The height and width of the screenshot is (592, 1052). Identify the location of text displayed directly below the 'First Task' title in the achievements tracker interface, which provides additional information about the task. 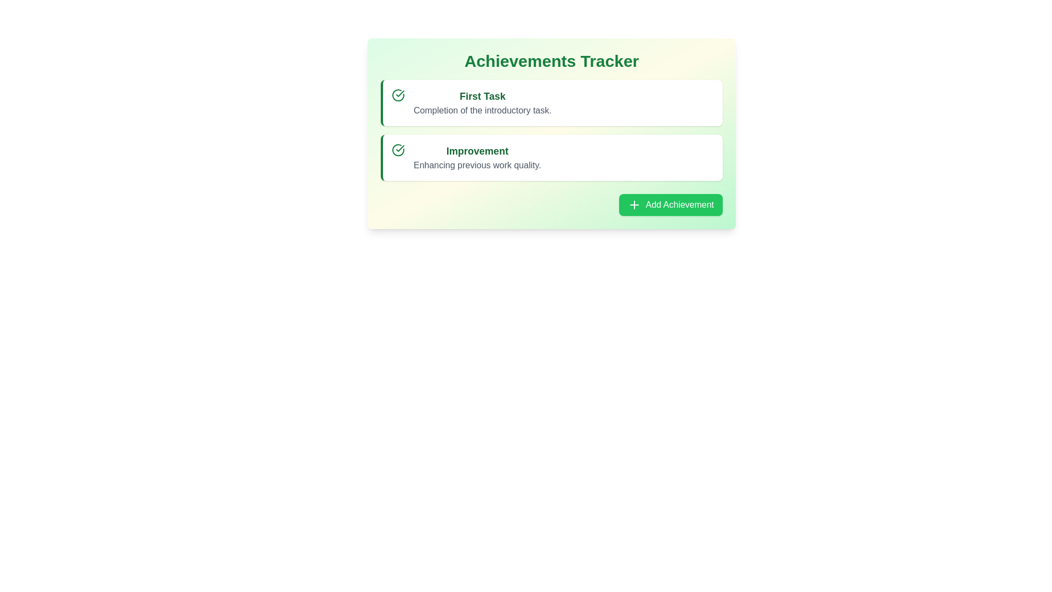
(482, 110).